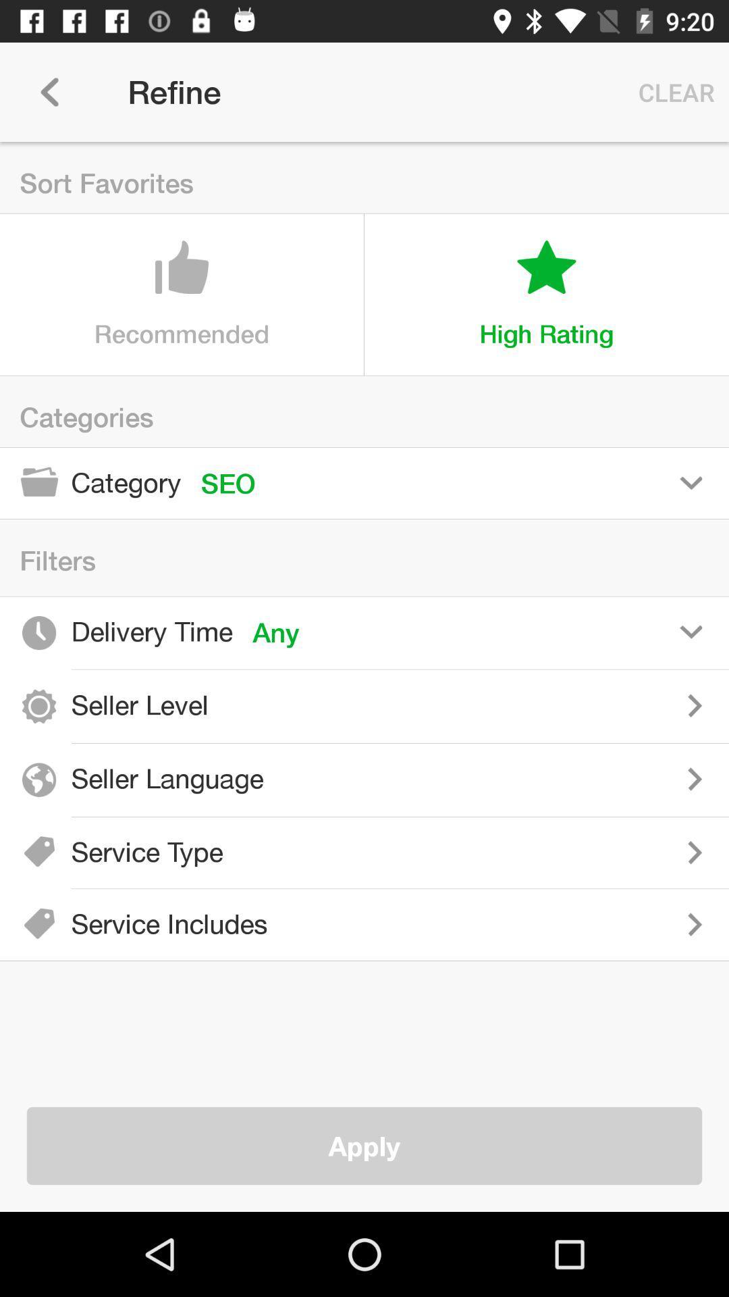 The image size is (729, 1297). I want to click on icon next to refine item, so click(49, 91).